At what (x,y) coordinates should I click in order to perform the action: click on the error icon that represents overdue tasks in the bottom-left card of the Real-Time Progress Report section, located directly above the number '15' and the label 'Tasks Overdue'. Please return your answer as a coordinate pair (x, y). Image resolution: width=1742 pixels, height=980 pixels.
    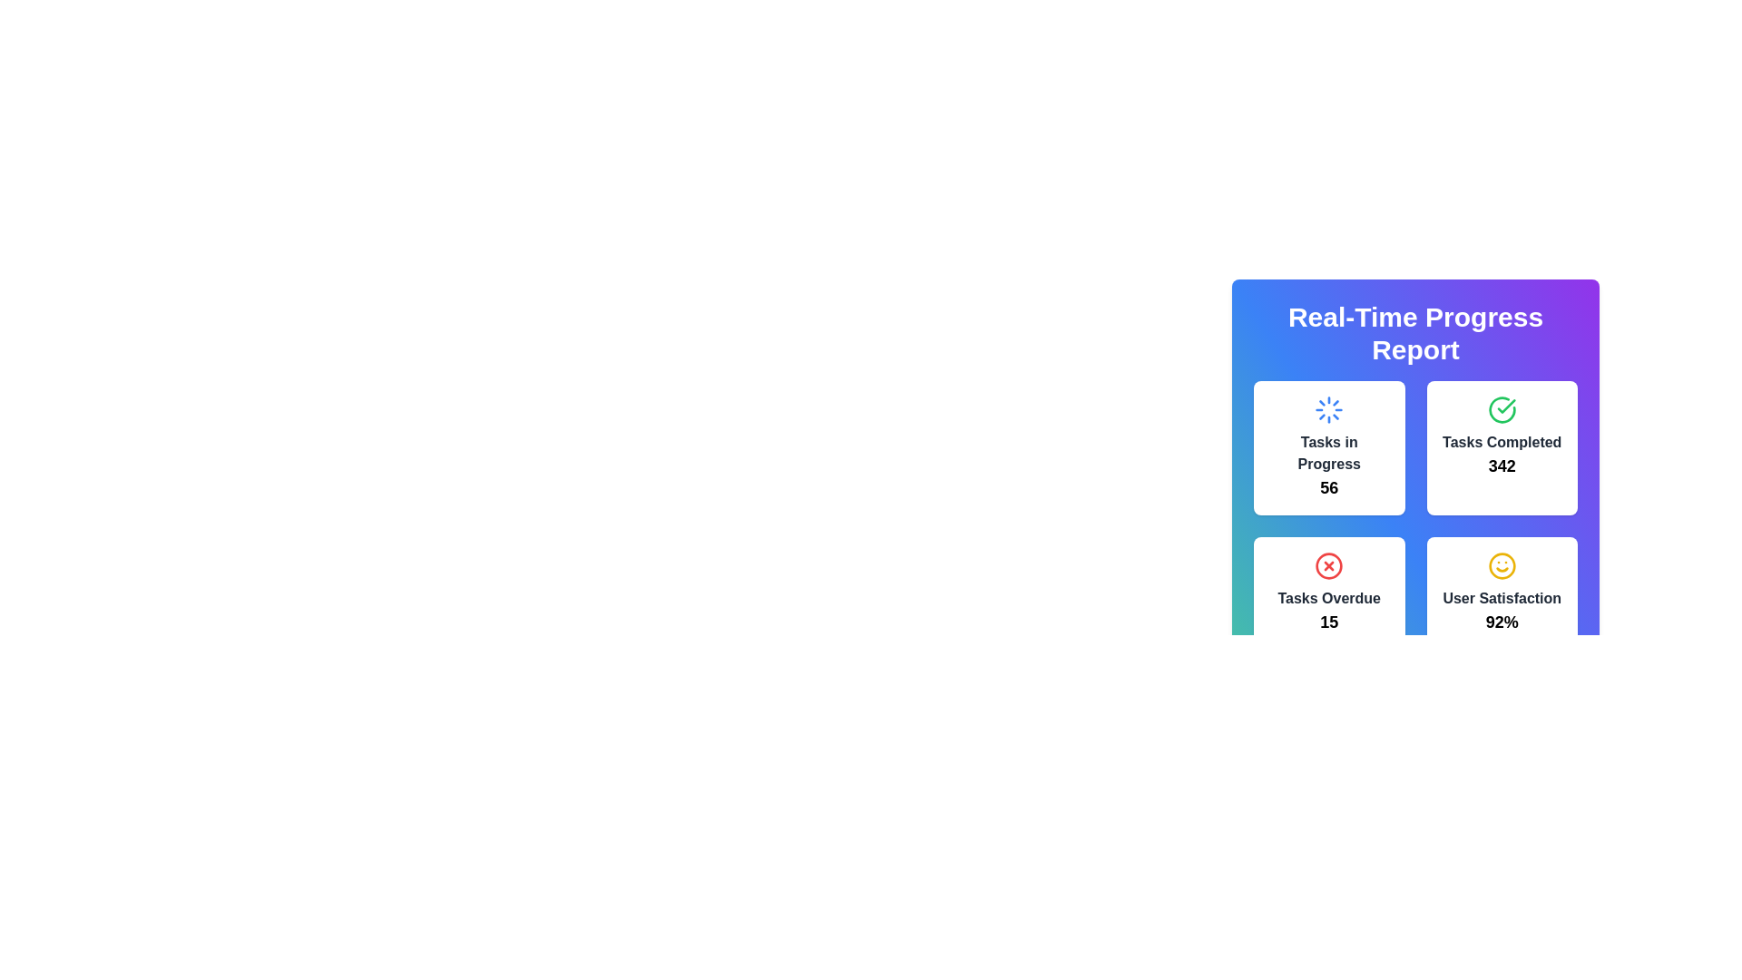
    Looking at the image, I should click on (1329, 565).